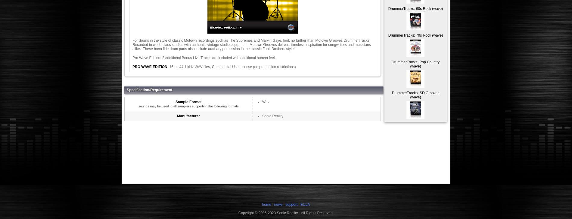  Describe the element at coordinates (188, 102) in the screenshot. I see `'Sample Format'` at that location.